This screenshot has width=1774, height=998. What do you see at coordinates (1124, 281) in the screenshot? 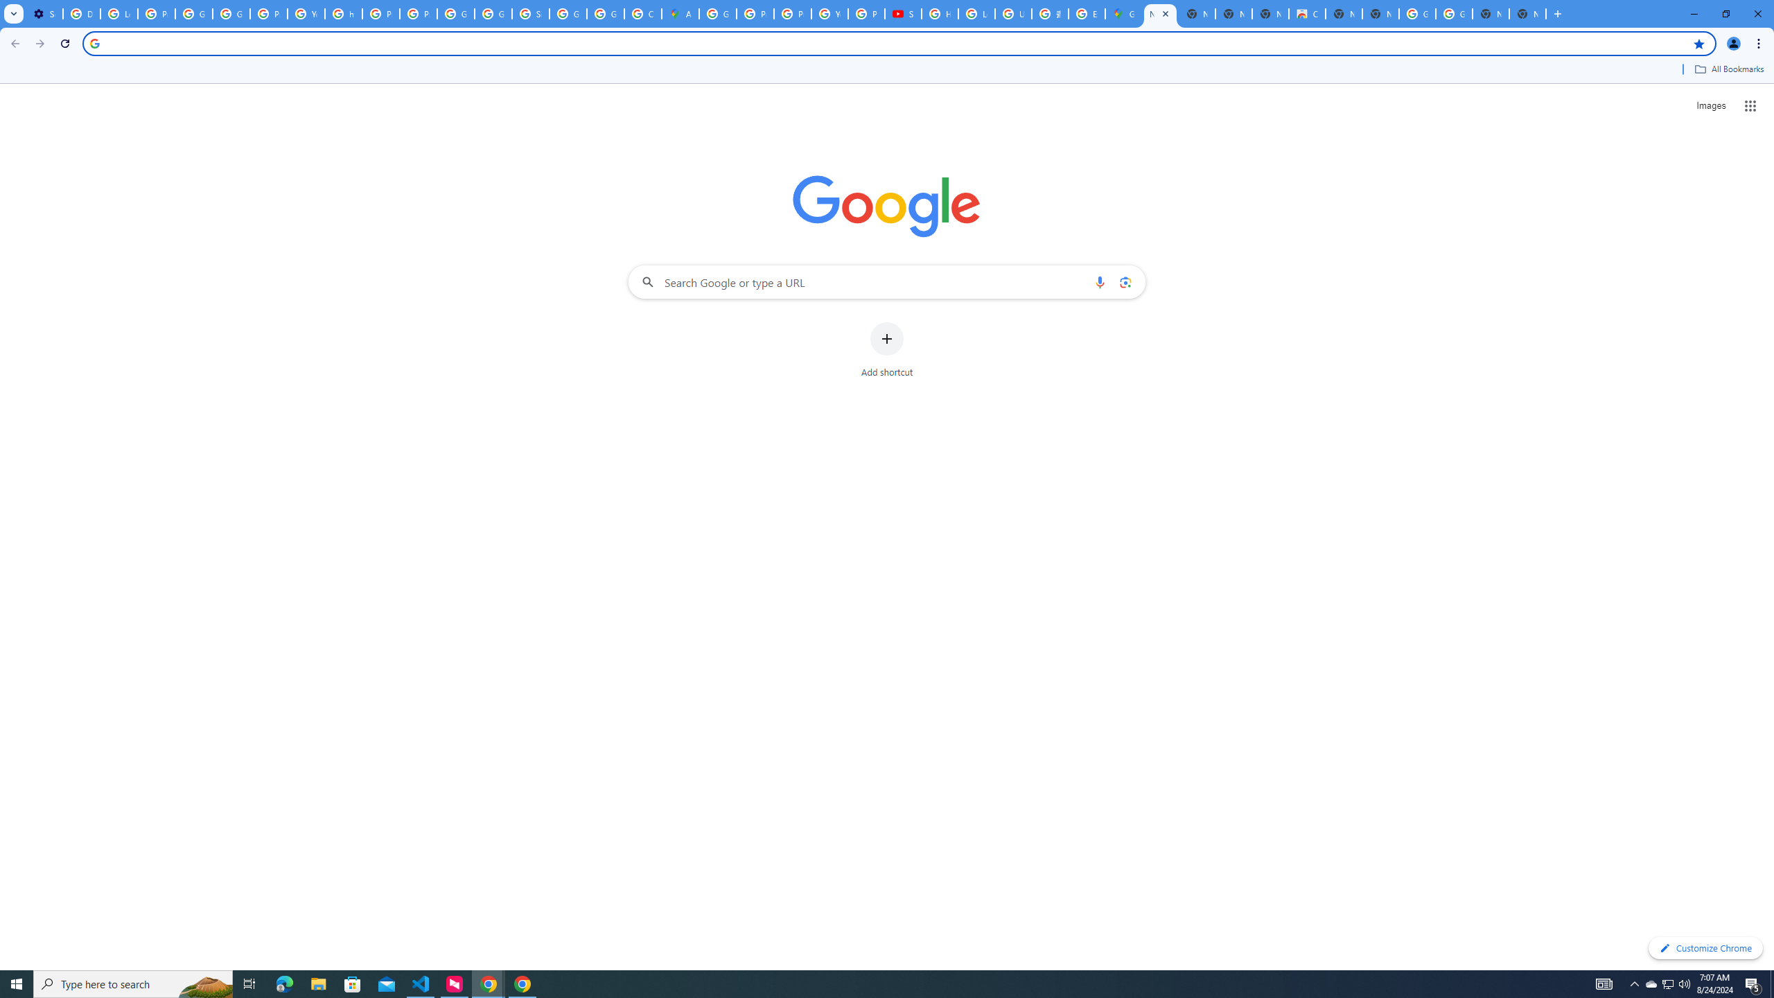
I see `'Search by image'` at bounding box center [1124, 281].